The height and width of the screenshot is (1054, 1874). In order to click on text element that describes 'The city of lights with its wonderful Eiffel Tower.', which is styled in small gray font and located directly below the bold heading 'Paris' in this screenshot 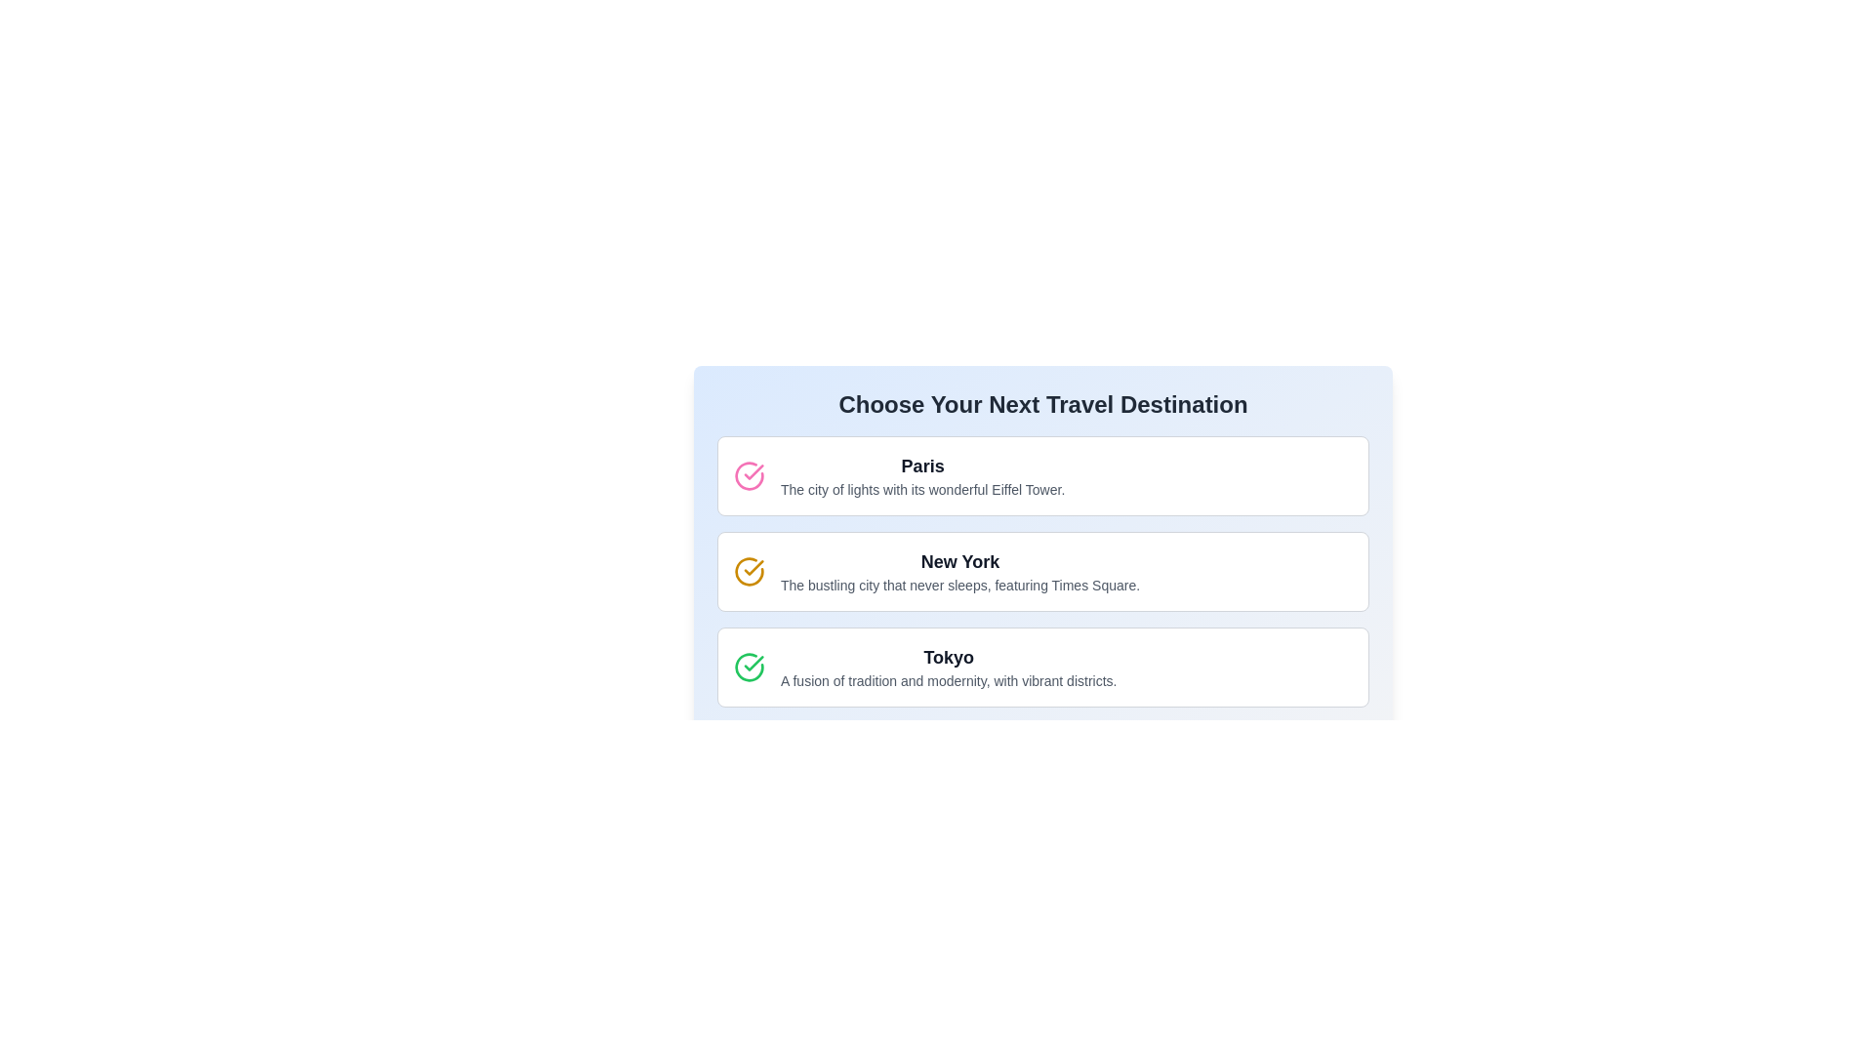, I will do `click(921, 488)`.